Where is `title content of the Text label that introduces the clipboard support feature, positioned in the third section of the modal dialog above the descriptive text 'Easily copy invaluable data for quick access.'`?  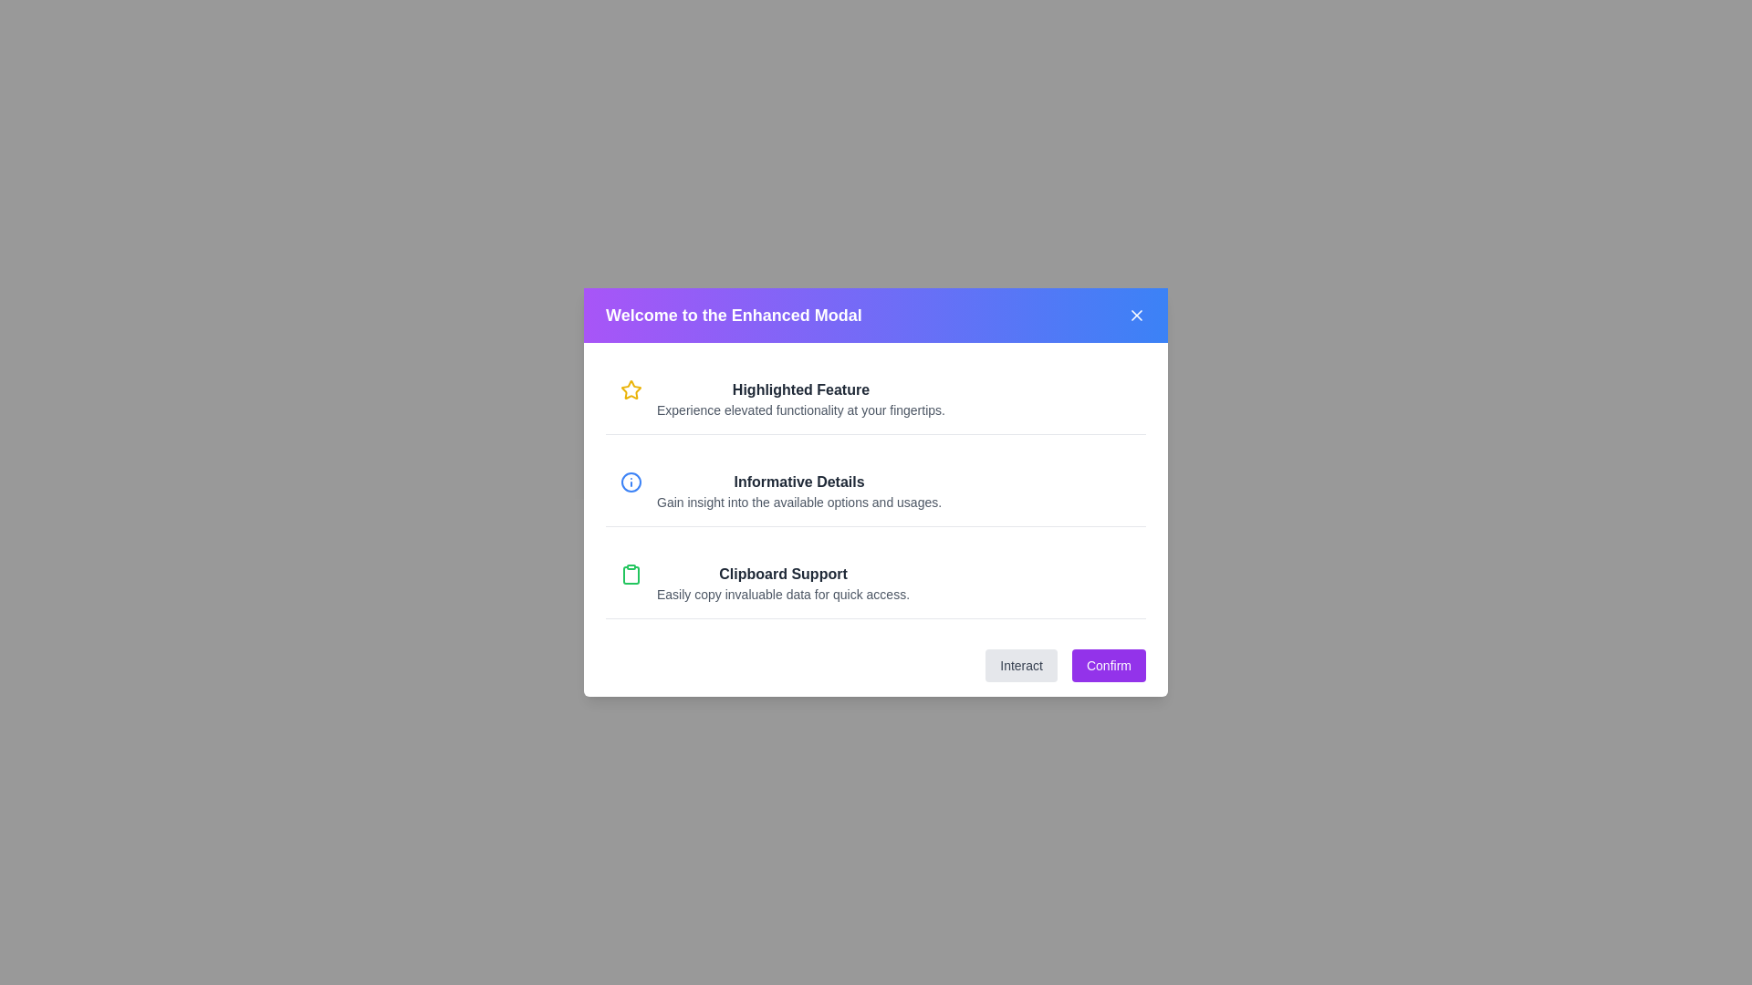 title content of the Text label that introduces the clipboard support feature, positioned in the third section of the modal dialog above the descriptive text 'Easily copy invaluable data for quick access.' is located at coordinates (783, 573).